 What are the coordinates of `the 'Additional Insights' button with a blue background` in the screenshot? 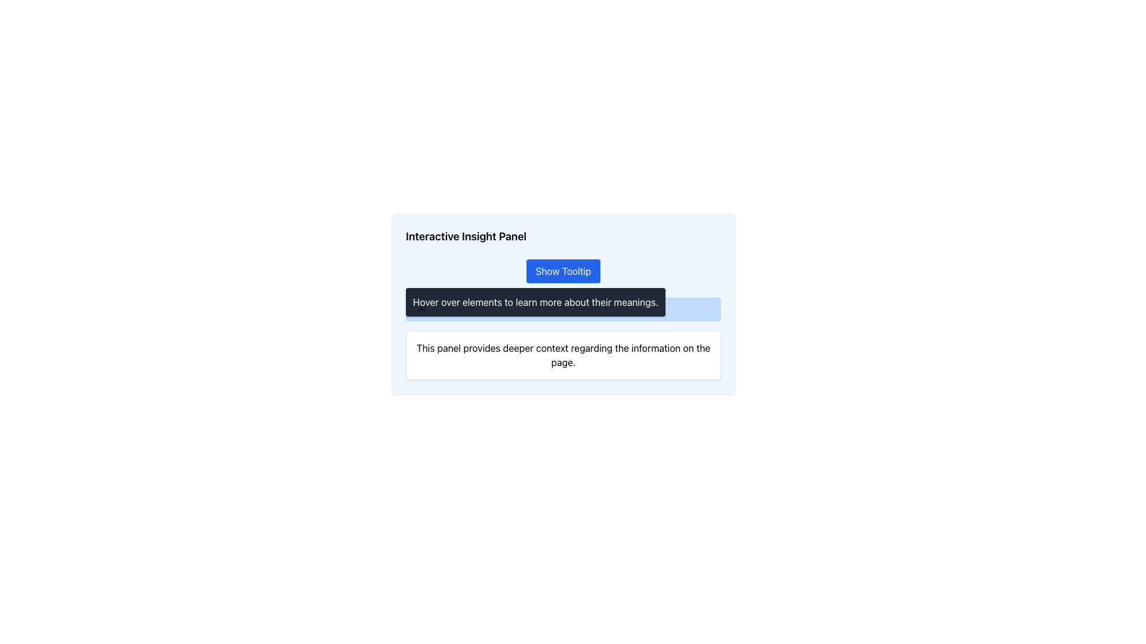 It's located at (563, 309).